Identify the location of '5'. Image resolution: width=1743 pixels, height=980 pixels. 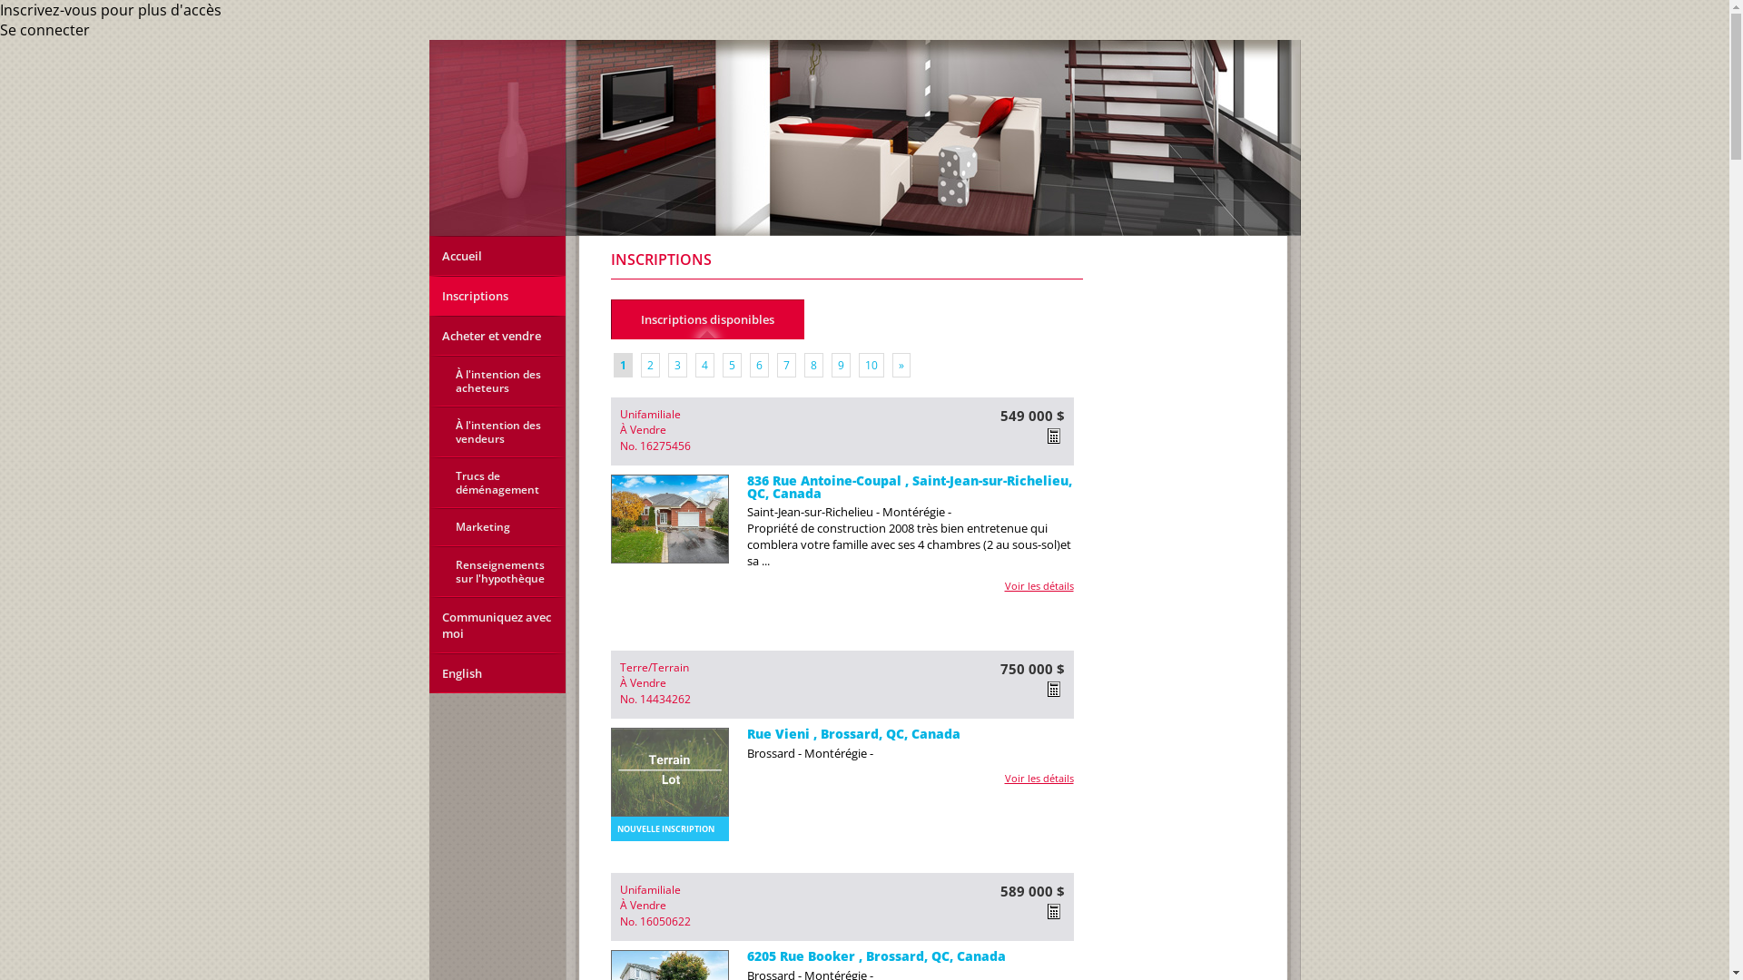
(722, 365).